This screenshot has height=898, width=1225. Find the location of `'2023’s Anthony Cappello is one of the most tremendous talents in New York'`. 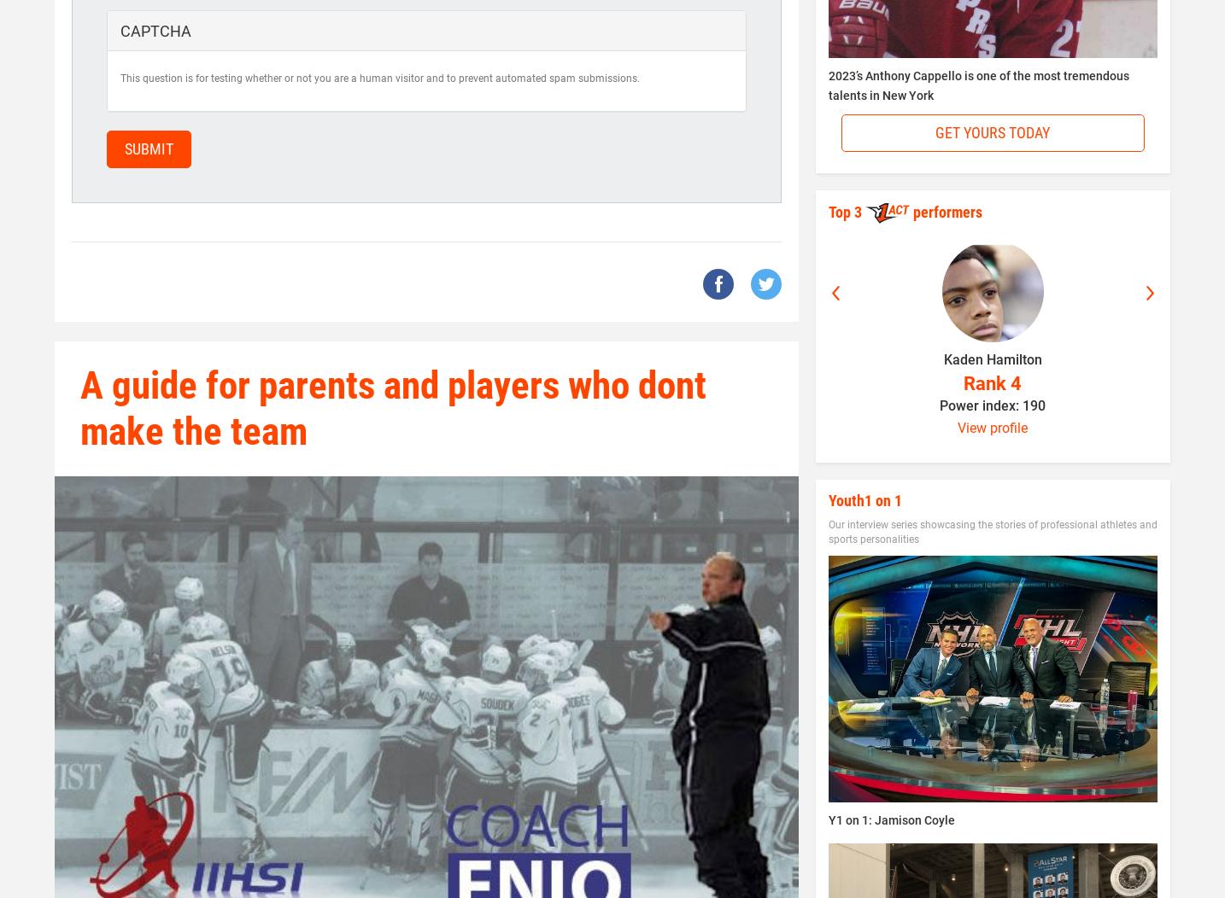

'2023’s Anthony Cappello is one of the most tremendous talents in New York' is located at coordinates (978, 85).